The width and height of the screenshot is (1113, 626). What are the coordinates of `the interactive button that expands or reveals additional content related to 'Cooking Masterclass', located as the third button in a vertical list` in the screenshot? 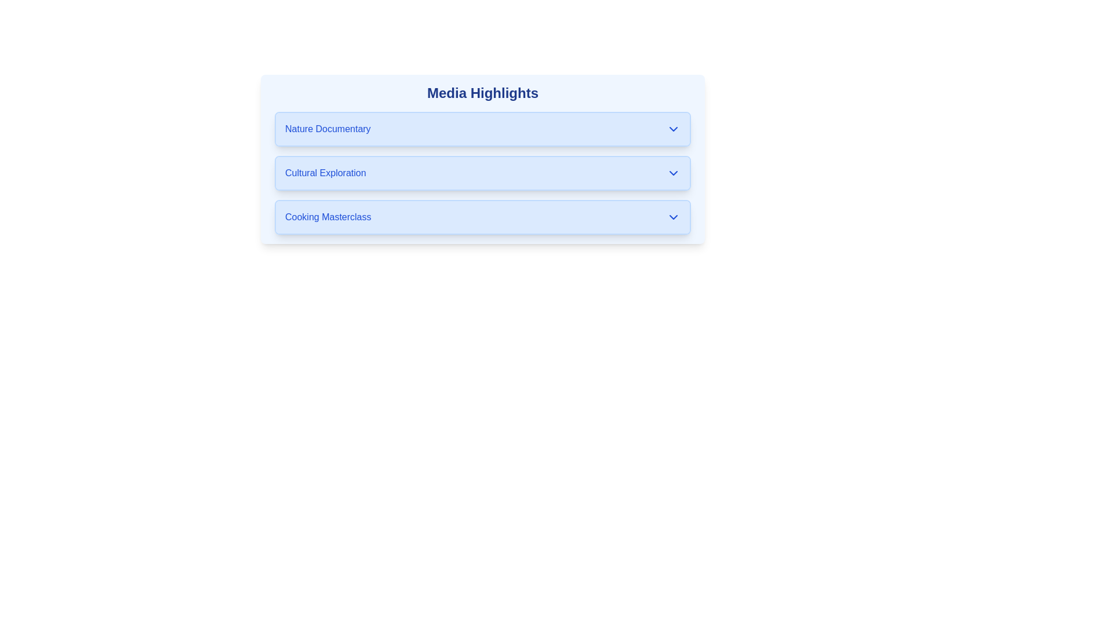 It's located at (483, 217).